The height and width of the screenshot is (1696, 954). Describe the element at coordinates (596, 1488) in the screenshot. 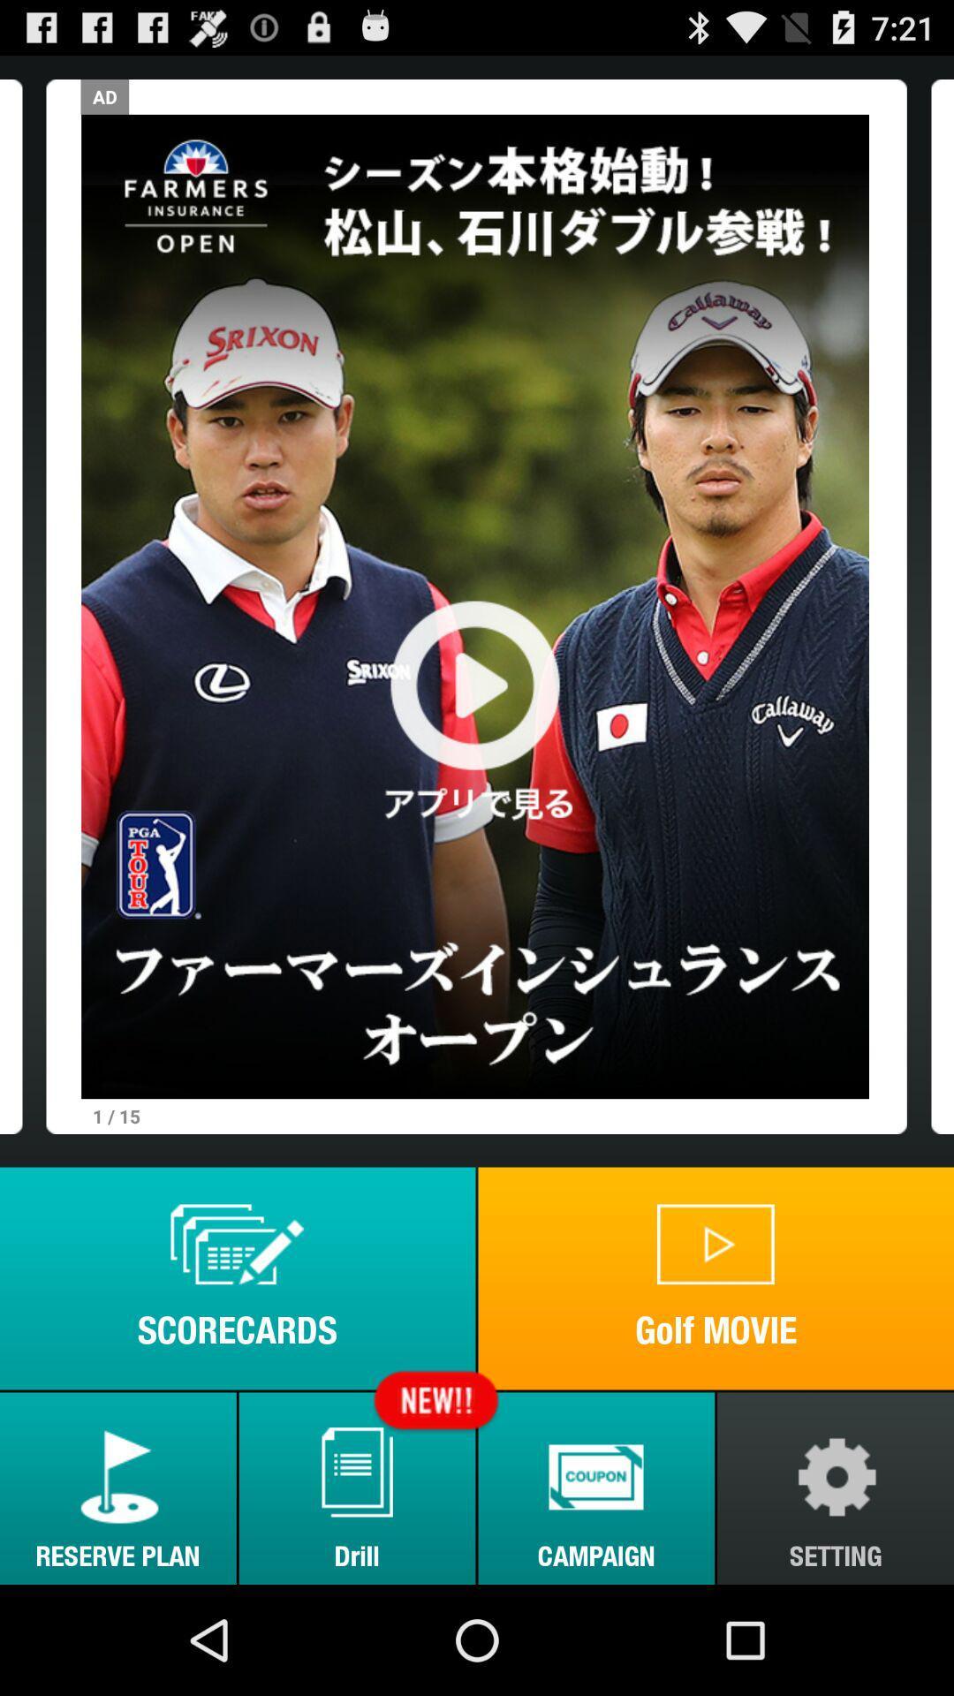

I see `the icon to the right of drill button` at that location.